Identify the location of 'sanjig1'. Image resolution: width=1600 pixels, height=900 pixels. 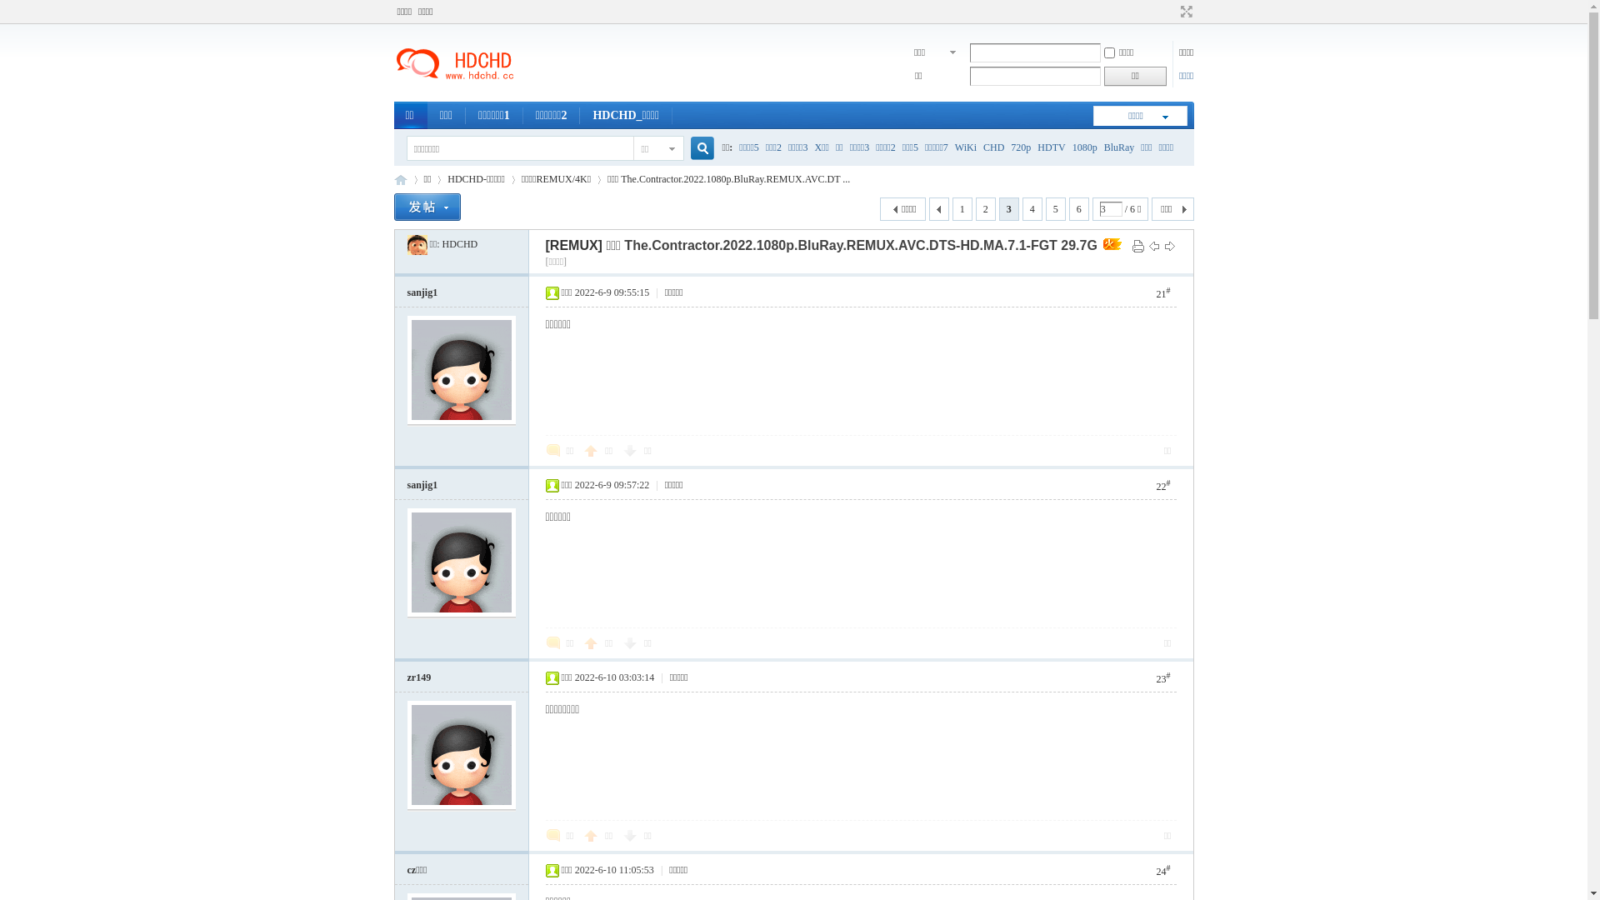
(422, 292).